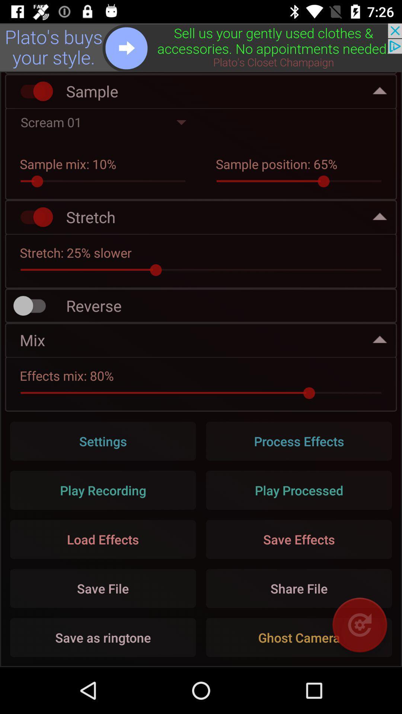  Describe the element at coordinates (33, 91) in the screenshot. I see `the function on or off` at that location.